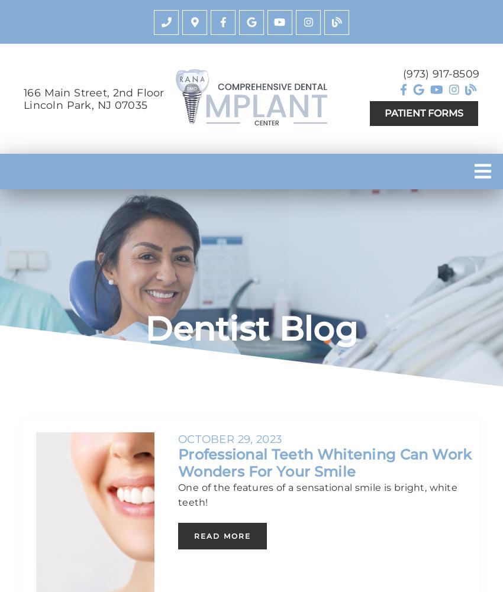 This screenshot has width=503, height=592. What do you see at coordinates (317, 494) in the screenshot?
I see `'One of the features of a sensational smile is bright, white teeth!'` at bounding box center [317, 494].